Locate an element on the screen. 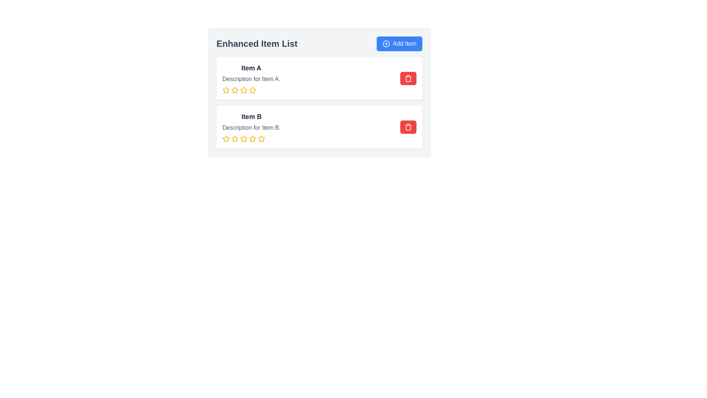 The width and height of the screenshot is (707, 398). on the fourth yellow rating star in the rating system for Item B, located below the description text and above the bottom margin of the Item B card is located at coordinates (251, 139).